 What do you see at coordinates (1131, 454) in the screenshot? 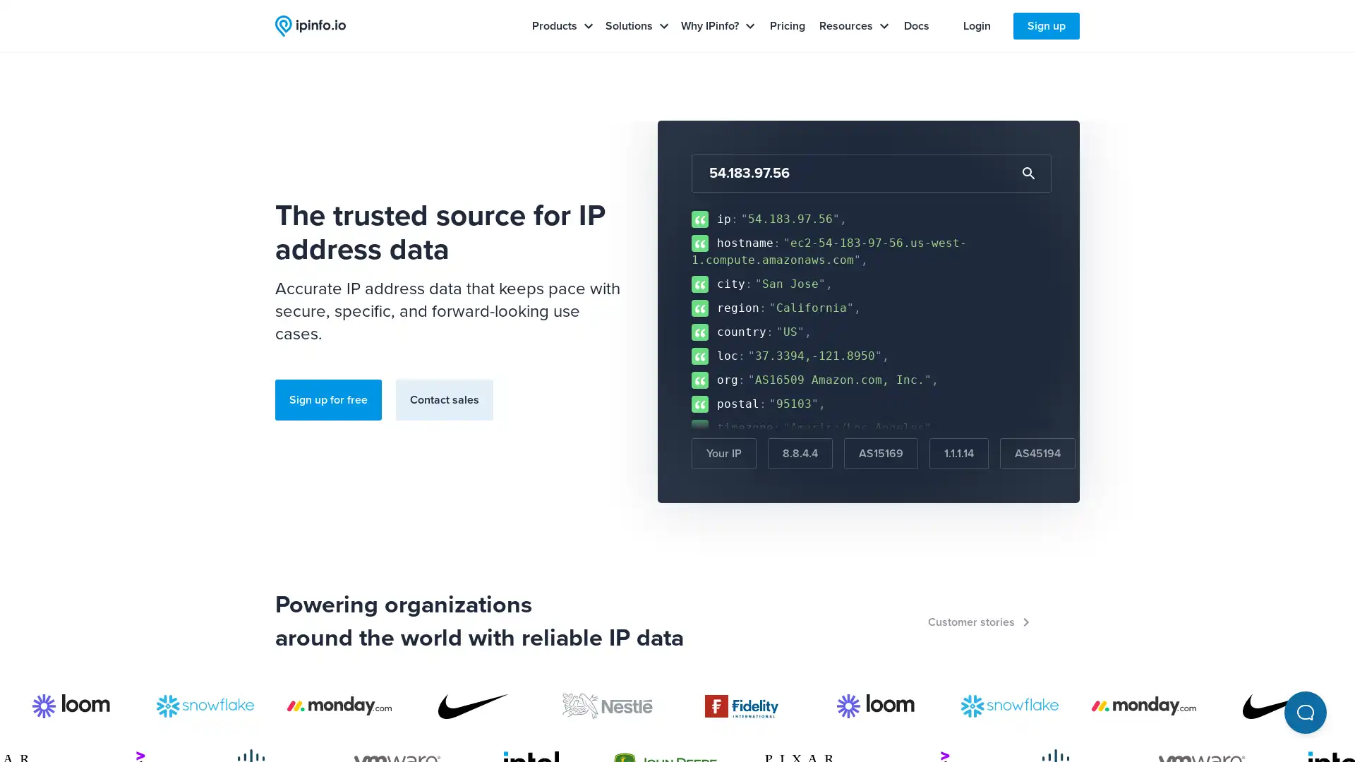
I see `68.87.41.40` at bounding box center [1131, 454].